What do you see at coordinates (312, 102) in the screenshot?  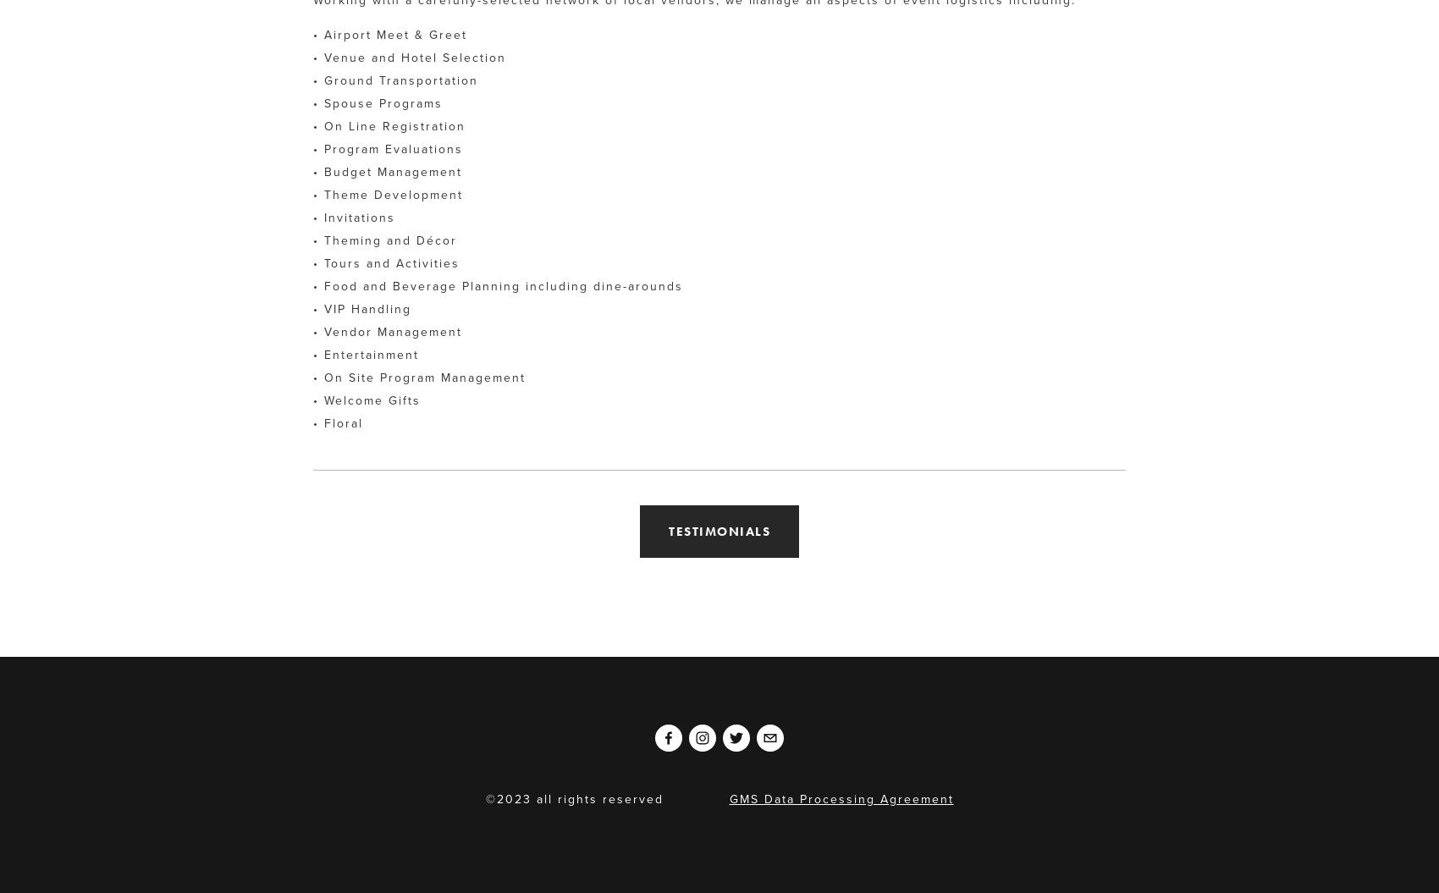 I see `'• Spouse Programs'` at bounding box center [312, 102].